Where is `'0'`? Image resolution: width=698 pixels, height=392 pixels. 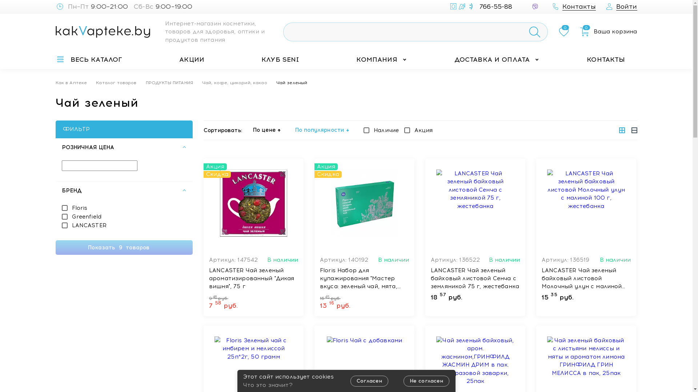
'0' is located at coordinates (563, 32).